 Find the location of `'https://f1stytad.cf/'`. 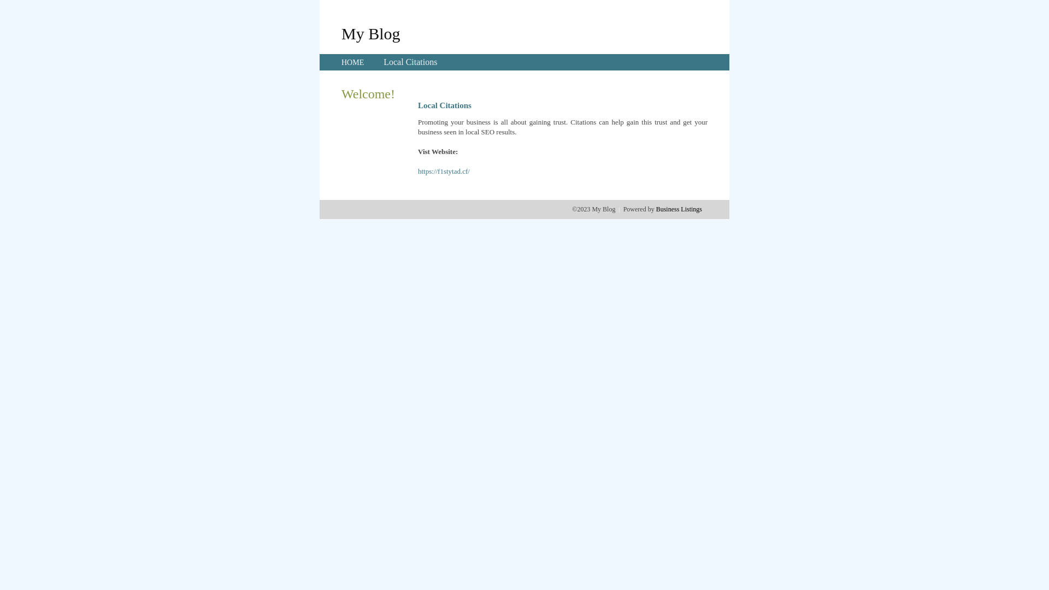

'https://f1stytad.cf/' is located at coordinates (444, 171).